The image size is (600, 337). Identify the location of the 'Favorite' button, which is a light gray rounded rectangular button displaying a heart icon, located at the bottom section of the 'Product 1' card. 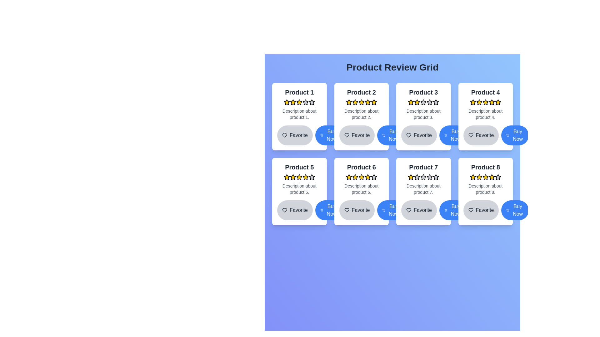
(299, 135).